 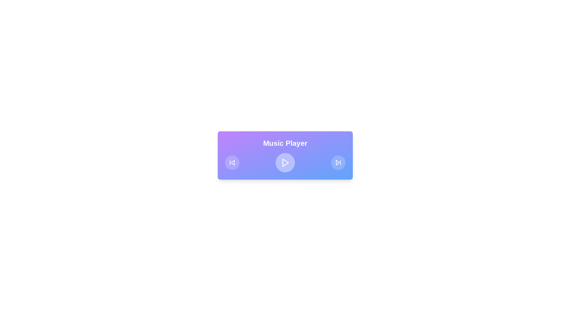 I want to click on the small interactive icon resembling a backward navigational arrow located within a rounded square button, so click(x=232, y=162).